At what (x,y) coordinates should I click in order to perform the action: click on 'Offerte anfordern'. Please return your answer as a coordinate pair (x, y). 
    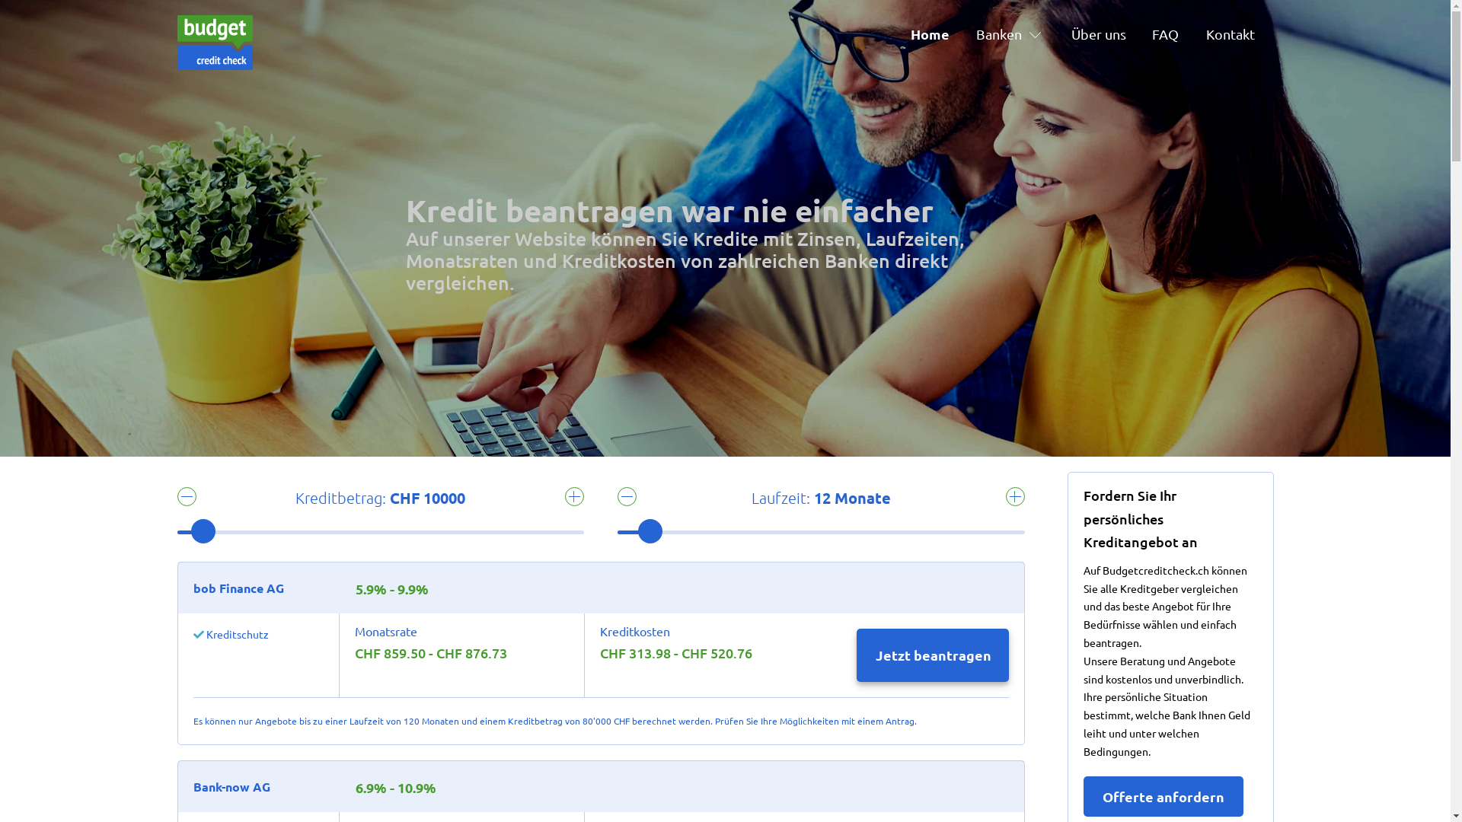
    Looking at the image, I should click on (1162, 795).